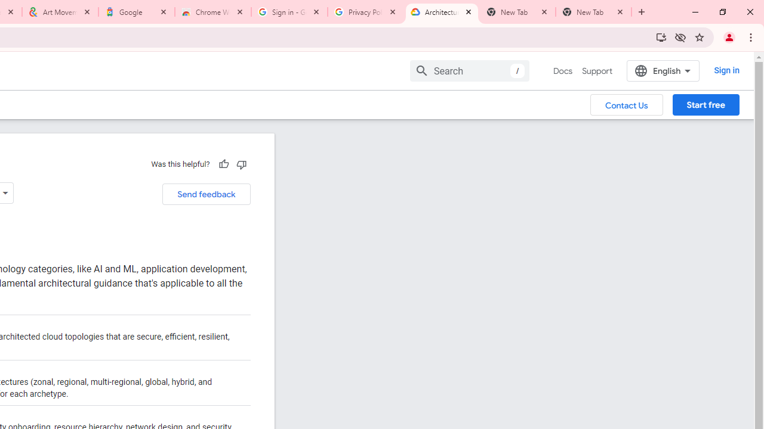  What do you see at coordinates (660, 36) in the screenshot?
I see `'Install Google Cloud'` at bounding box center [660, 36].